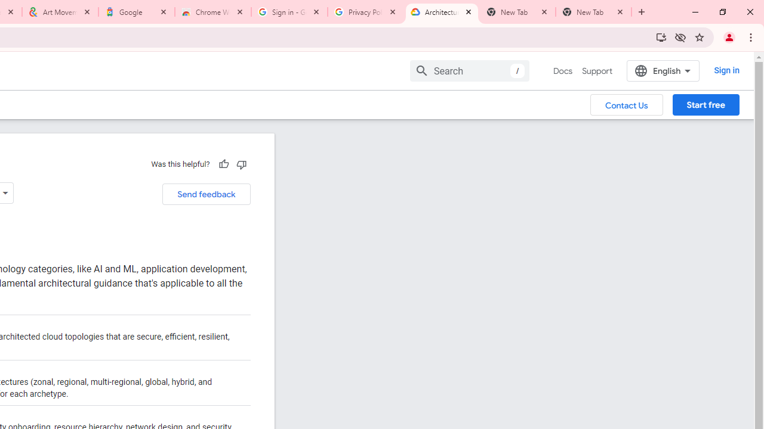  What do you see at coordinates (660, 36) in the screenshot?
I see `'Install Google Cloud'` at bounding box center [660, 36].